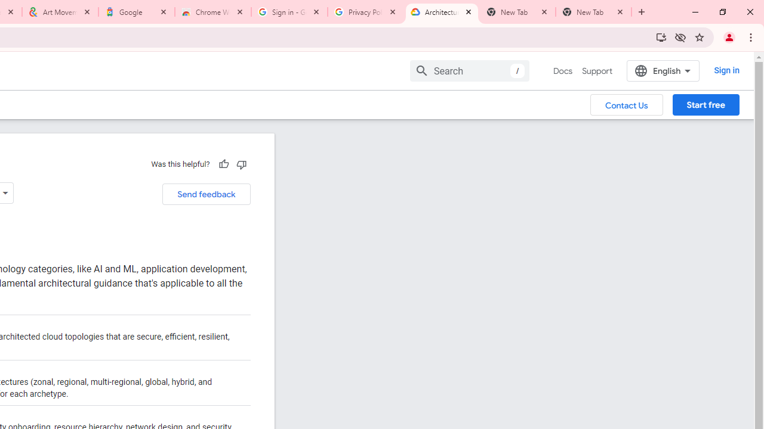  What do you see at coordinates (660, 36) in the screenshot?
I see `'Install Google Cloud'` at bounding box center [660, 36].